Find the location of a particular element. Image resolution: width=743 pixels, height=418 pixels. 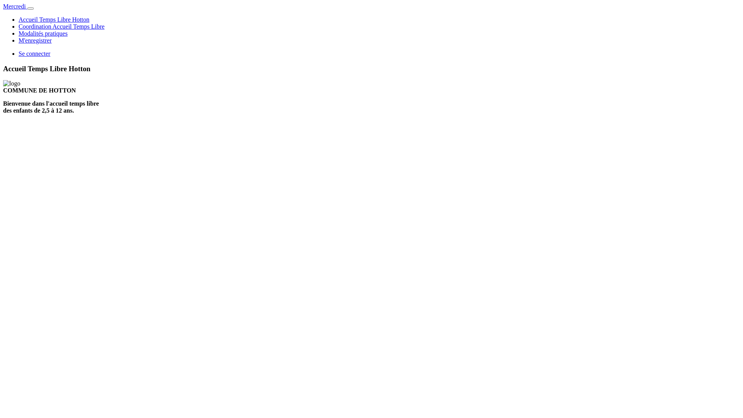

'M'enregistrer' is located at coordinates (35, 40).